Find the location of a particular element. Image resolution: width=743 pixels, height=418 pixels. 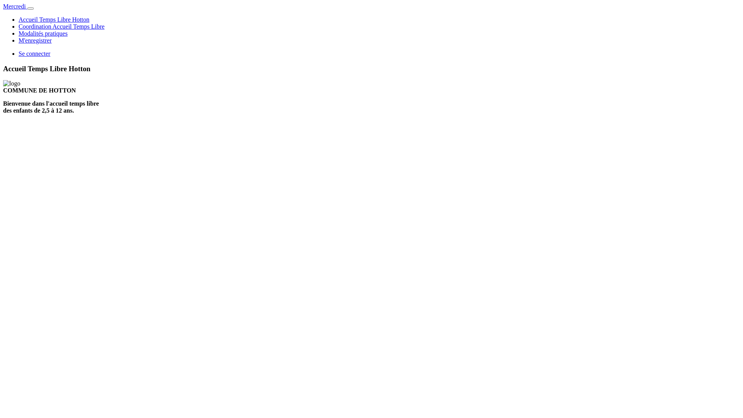

'M'enregistrer' is located at coordinates (35, 40).